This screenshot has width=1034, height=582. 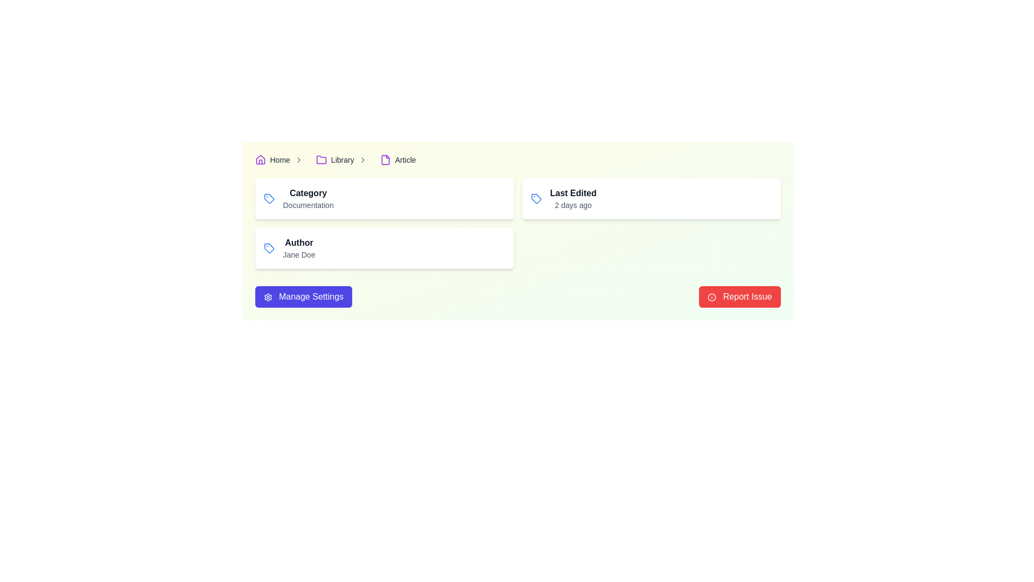 What do you see at coordinates (572, 205) in the screenshot?
I see `the text label that displays '2 days ago', which is located directly below the 'Last Edited' text in the upper-right corner of the interface` at bounding box center [572, 205].